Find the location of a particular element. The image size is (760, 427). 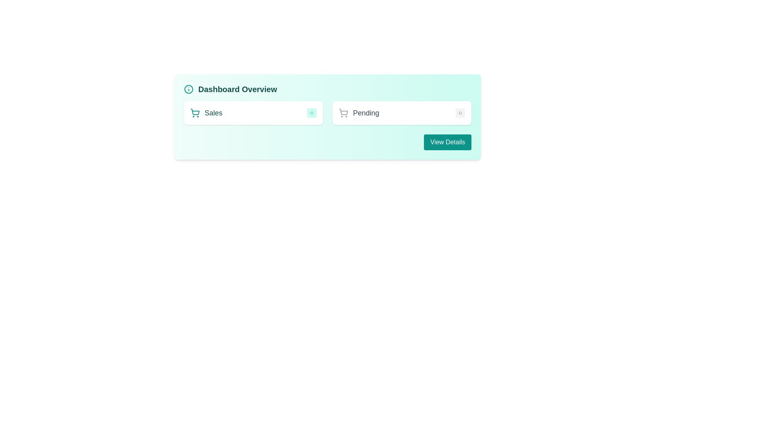

the prominent 'Sales' text label, which is styled in teal color with a large bold font, located centrally within a card-like component in the top-left section of the dashboard is located at coordinates (213, 113).